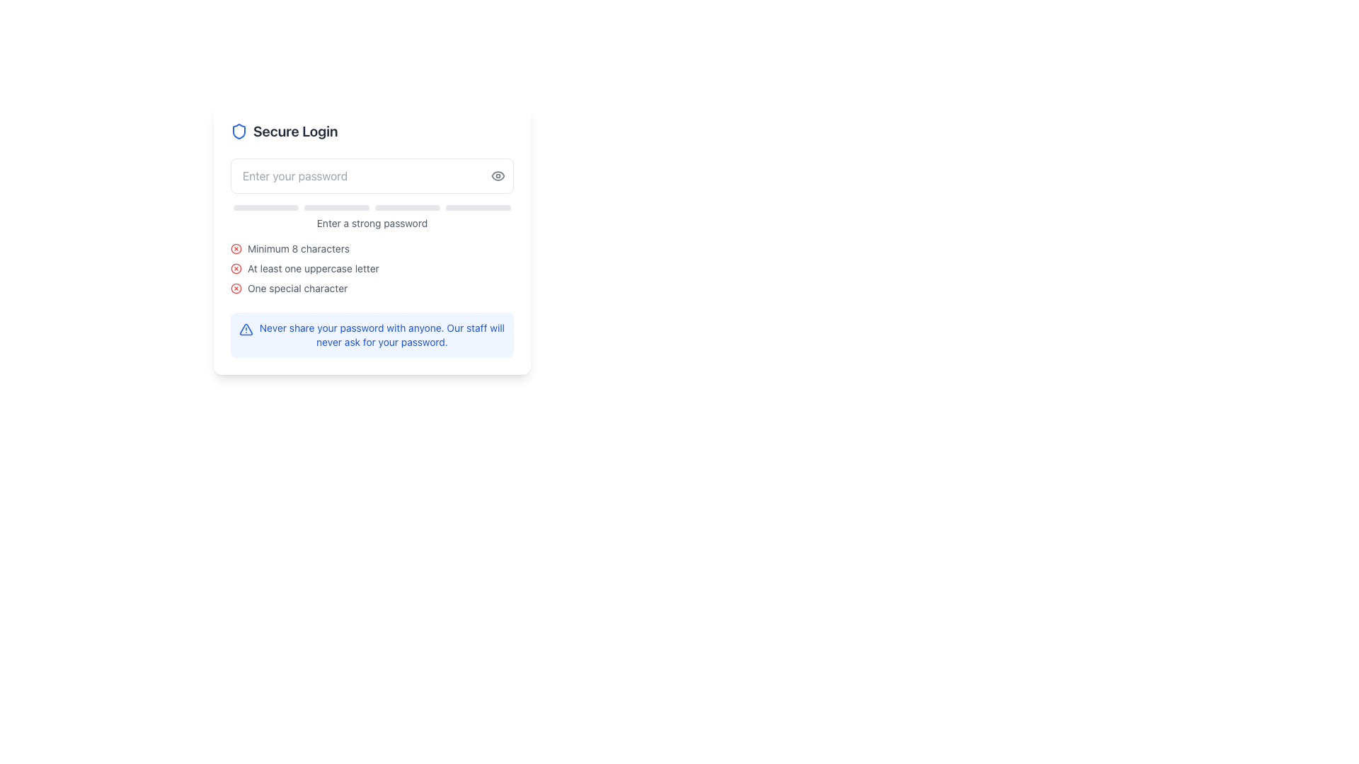  What do you see at coordinates (498, 175) in the screenshot?
I see `the IconButton used to toggle the visibility of the password in the password input field, which is positioned at the far right side of the input field` at bounding box center [498, 175].